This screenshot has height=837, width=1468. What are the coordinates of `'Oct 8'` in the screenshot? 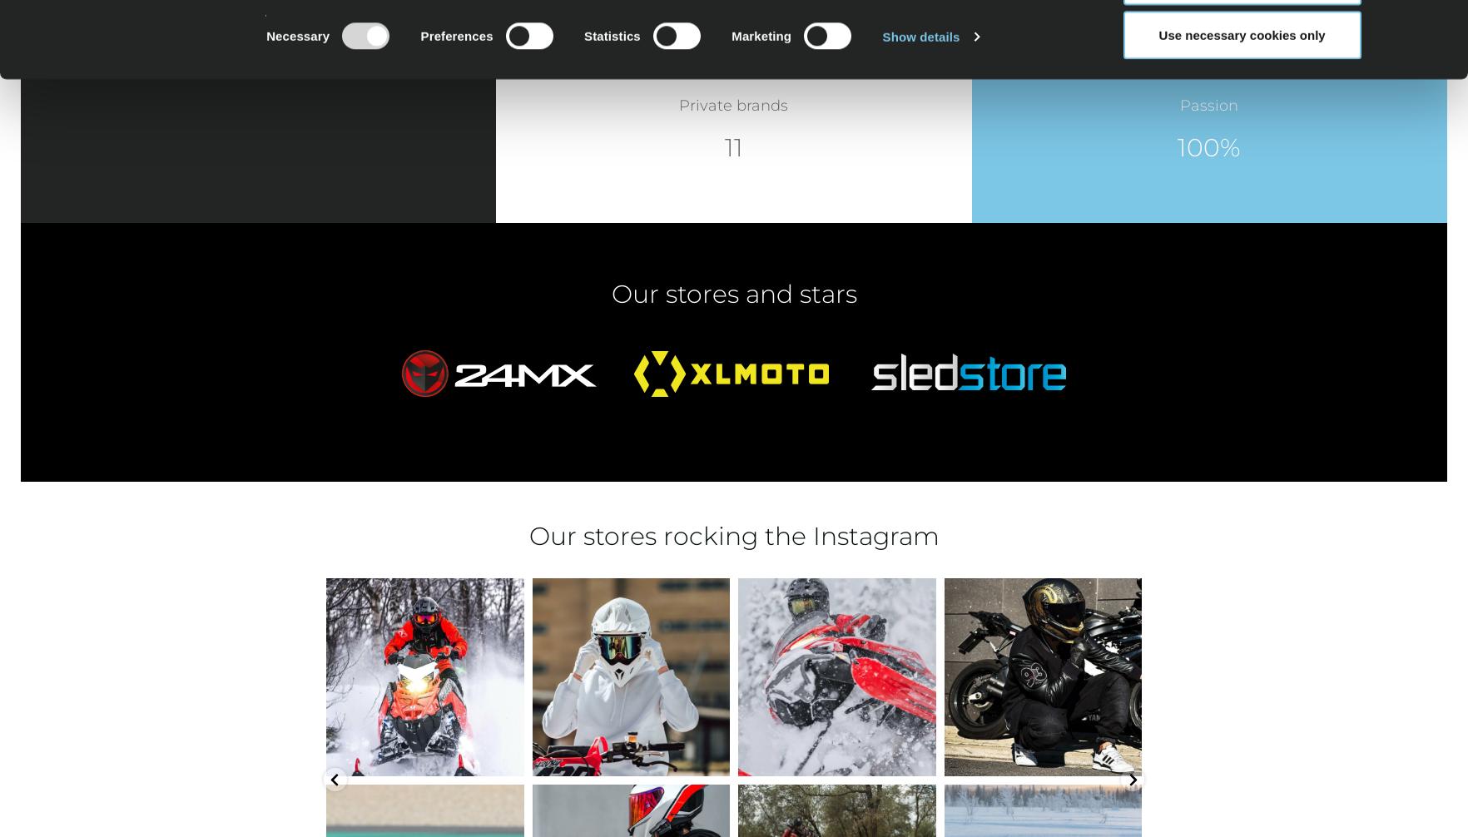 It's located at (1047, 756).